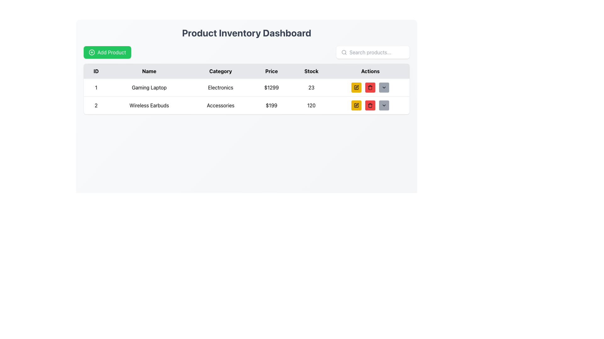 The height and width of the screenshot is (339, 604). Describe the element at coordinates (356, 87) in the screenshot. I see `the yellow square edit action button with a pen graphic located in the 'Actions' column of the table` at that location.